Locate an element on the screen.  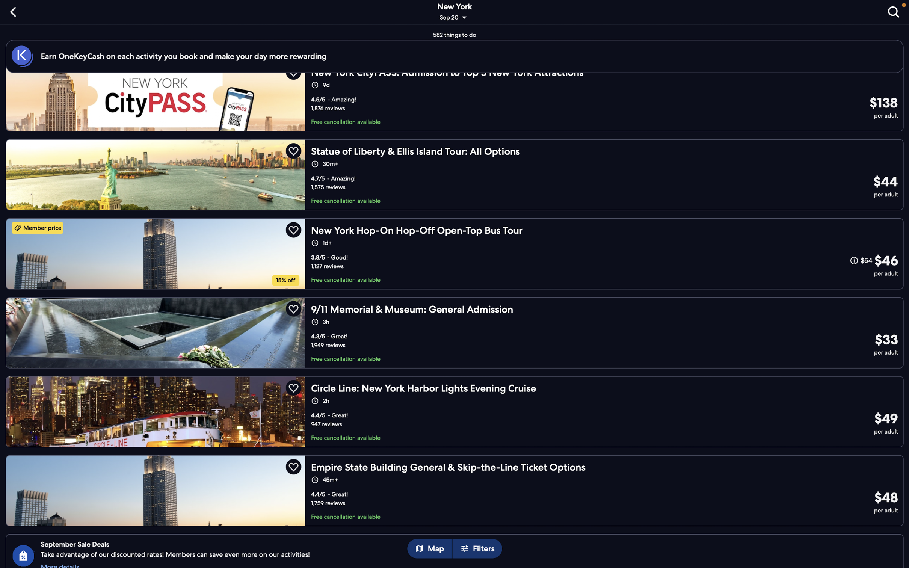
the "map" section to show the journey points is located at coordinates (432, 549).